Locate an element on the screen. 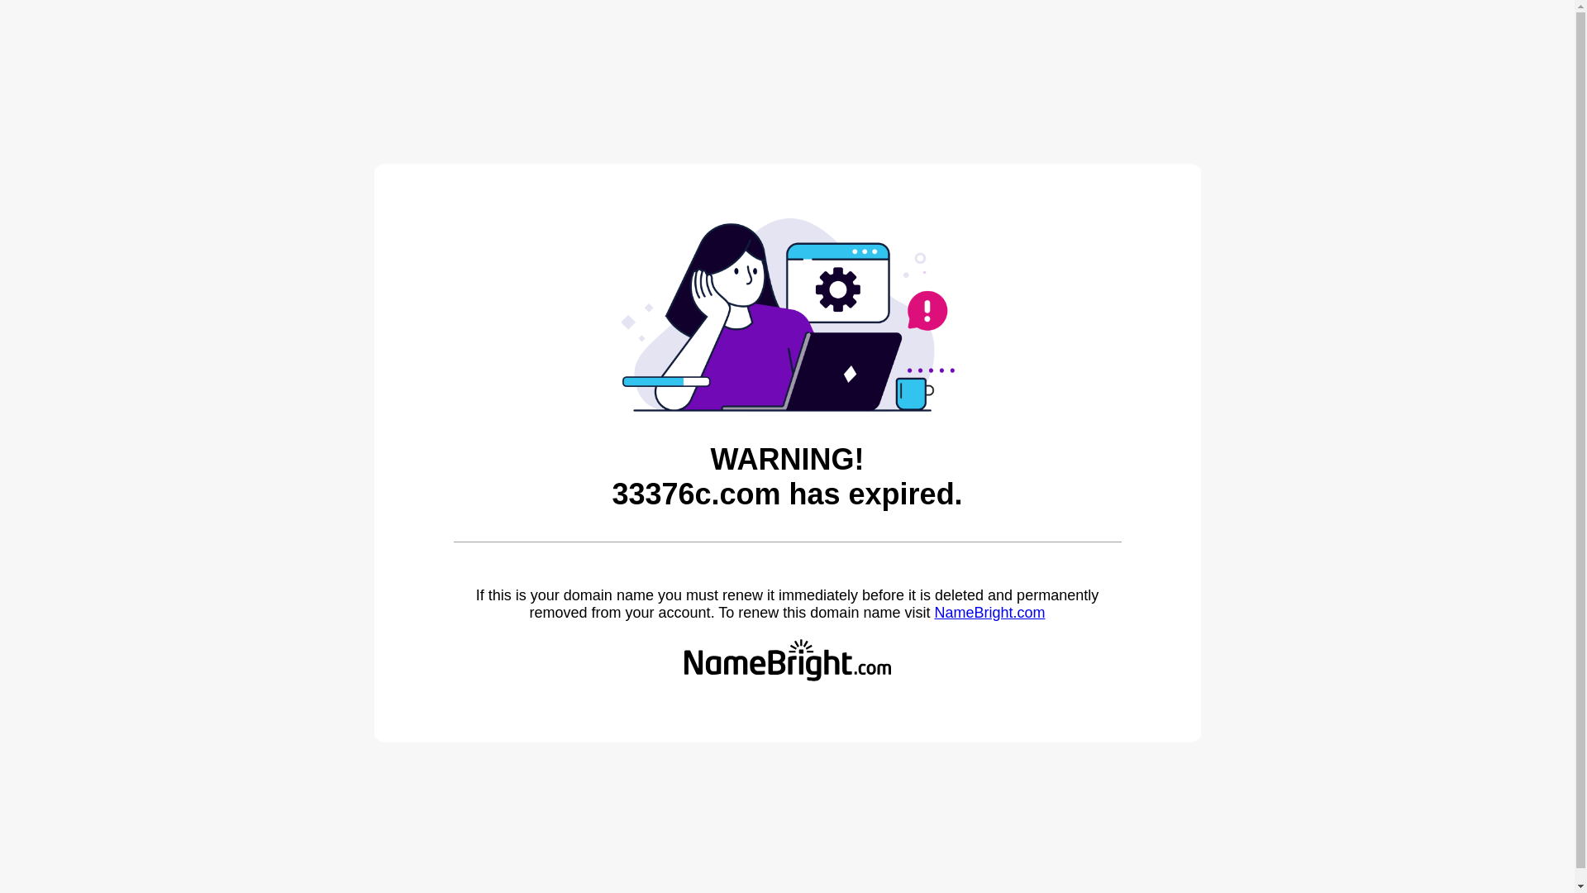 This screenshot has width=1587, height=893. 'NameBright.com' is located at coordinates (989, 612).